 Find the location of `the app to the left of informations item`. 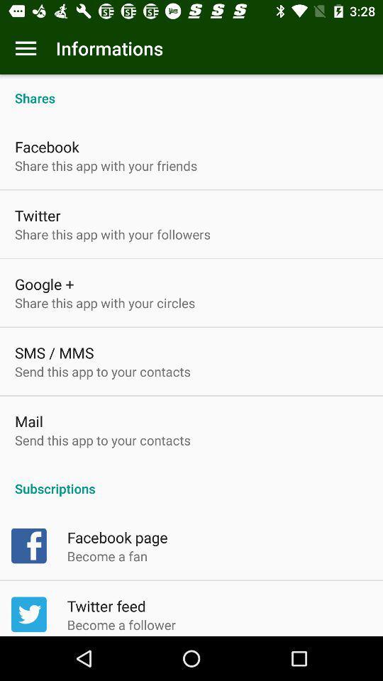

the app to the left of informations item is located at coordinates (26, 48).